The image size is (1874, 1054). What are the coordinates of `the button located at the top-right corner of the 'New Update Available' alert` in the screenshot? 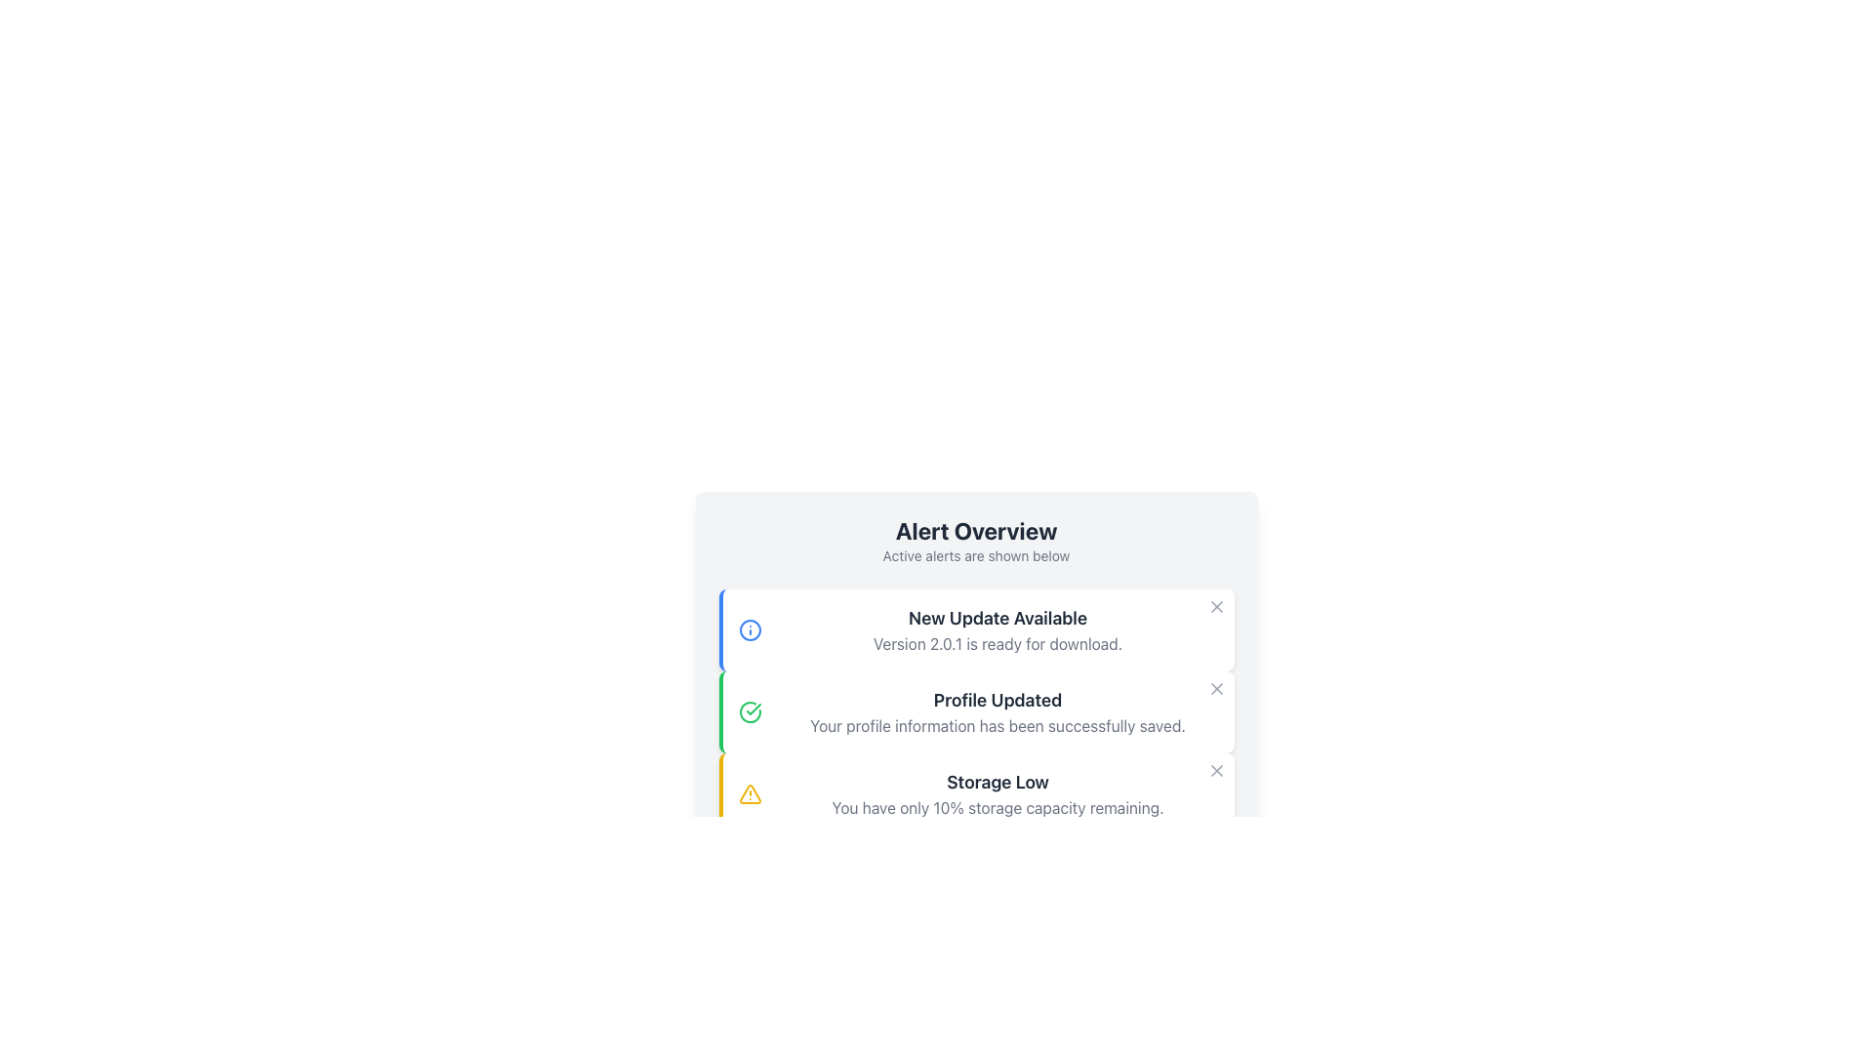 It's located at (1215, 605).